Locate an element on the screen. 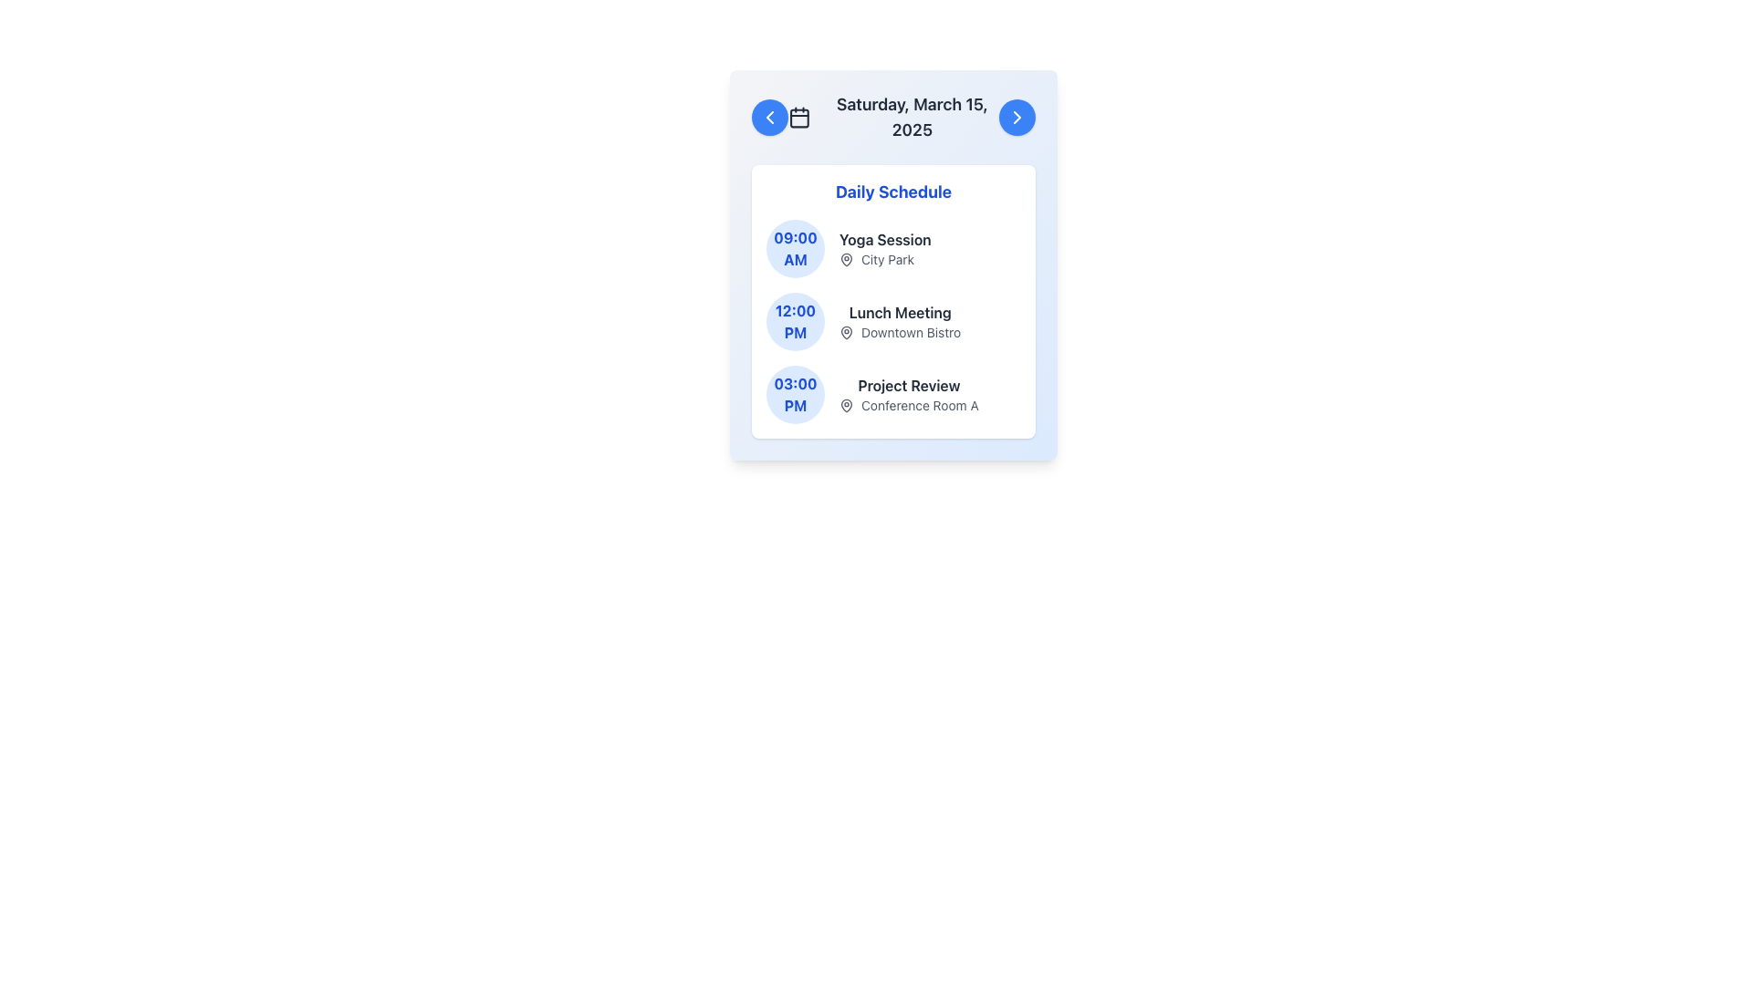 Image resolution: width=1752 pixels, height=985 pixels. the Text with Icon indicating the venue for the 'Yoga Session' event, which is positioned below the 'Yoga Session' title and aligned with the '09:00 AM' time indicator is located at coordinates (885, 260).